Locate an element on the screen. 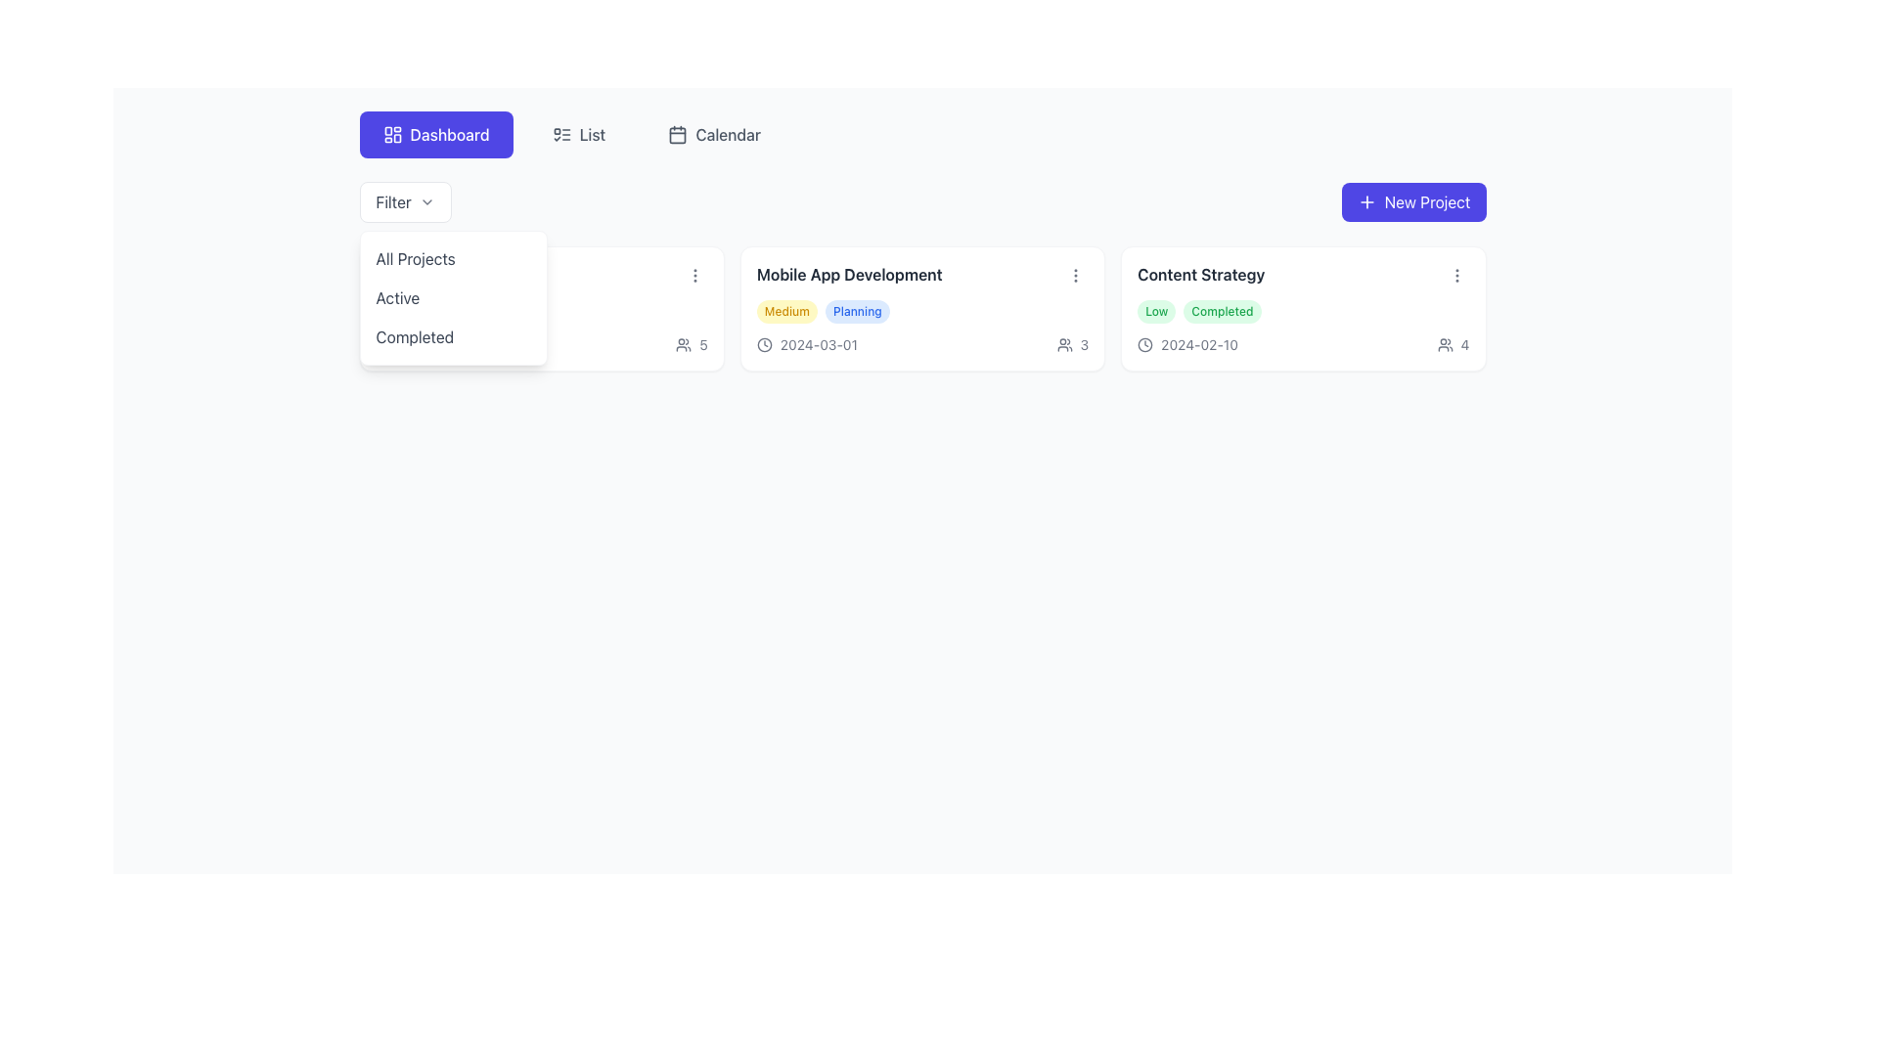 The image size is (1878, 1056). the static text element that serves as a numeric indicator for users or participants in the 'Content Strategy' section, located towards the right end of the card is located at coordinates (1464, 344).